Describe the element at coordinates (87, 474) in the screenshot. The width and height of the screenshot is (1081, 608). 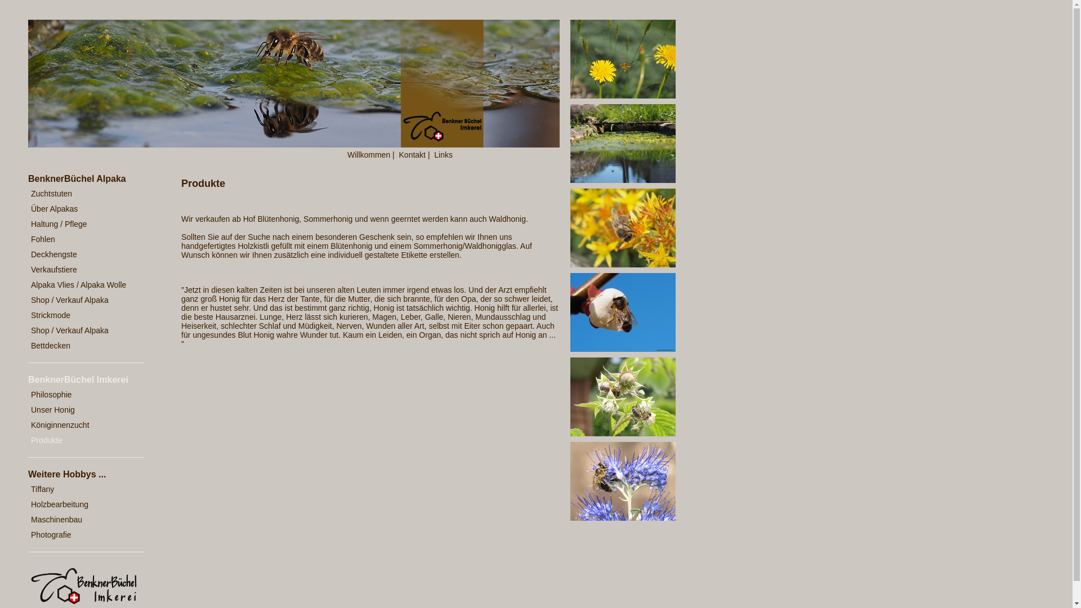
I see `'Weitere Hobbys ...'` at that location.